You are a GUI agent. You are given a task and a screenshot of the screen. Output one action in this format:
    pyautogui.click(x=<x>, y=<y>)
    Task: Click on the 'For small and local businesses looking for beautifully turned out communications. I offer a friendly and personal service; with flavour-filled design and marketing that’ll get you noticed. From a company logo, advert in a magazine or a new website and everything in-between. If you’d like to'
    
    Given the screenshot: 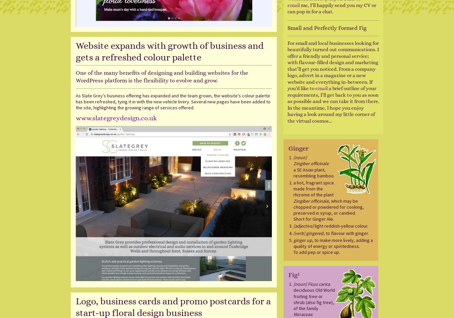 What is the action you would take?
    pyautogui.click(x=333, y=65)
    